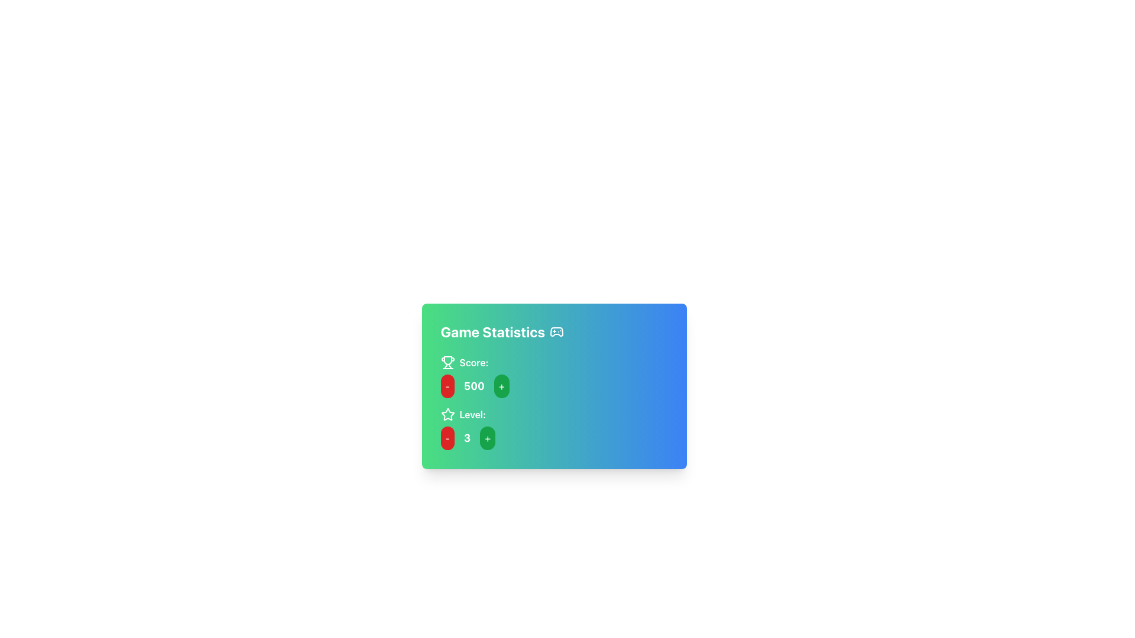  I want to click on the circular green button with a '+' symbol to change its background color, so click(488, 438).